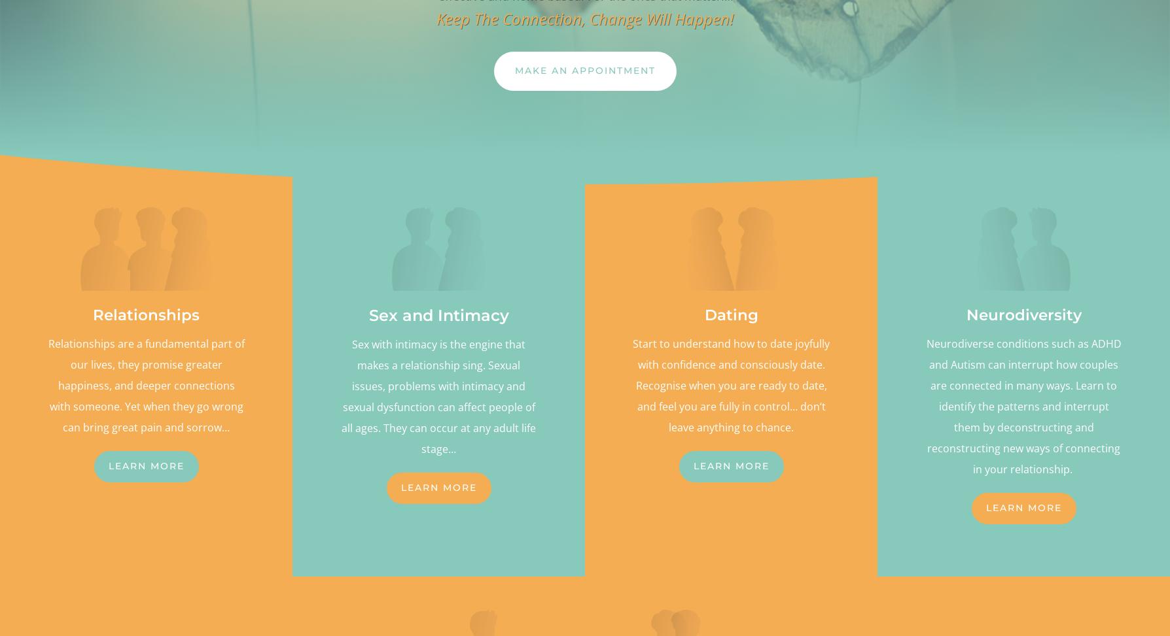  Describe the element at coordinates (438, 396) in the screenshot. I see `'Sex with intimacy is the engine that makes a relationship sing. Sexual issues, problems with intimacy and sexual dysfunction can affect people of all ages. They can occur at any adult life stage…'` at that location.